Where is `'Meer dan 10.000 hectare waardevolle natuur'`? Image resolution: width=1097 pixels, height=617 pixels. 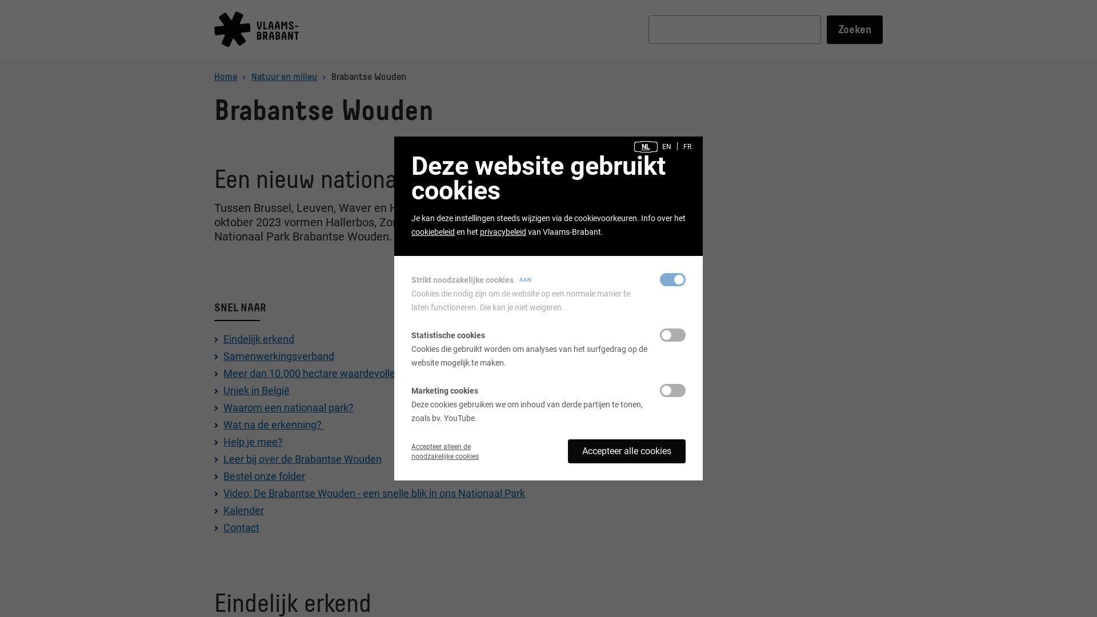
'Meer dan 10.000 hectare waardevolle natuur' is located at coordinates (325, 373).